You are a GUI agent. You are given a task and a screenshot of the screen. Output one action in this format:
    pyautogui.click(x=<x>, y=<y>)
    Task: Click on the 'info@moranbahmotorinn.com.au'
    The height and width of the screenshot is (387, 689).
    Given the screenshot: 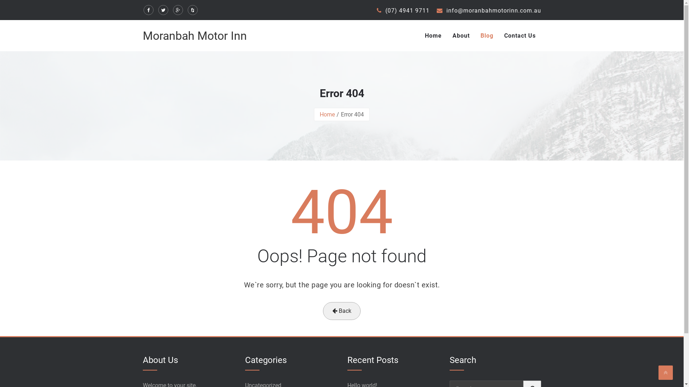 What is the action you would take?
    pyautogui.click(x=488, y=10)
    